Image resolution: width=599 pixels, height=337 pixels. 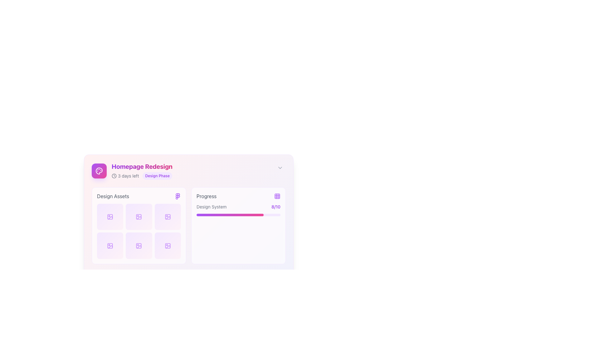 What do you see at coordinates (230, 215) in the screenshot?
I see `the filled portion of the progress bar indicating 80% completion under the 'Progress' heading in the 'Homepage Redesign' section` at bounding box center [230, 215].